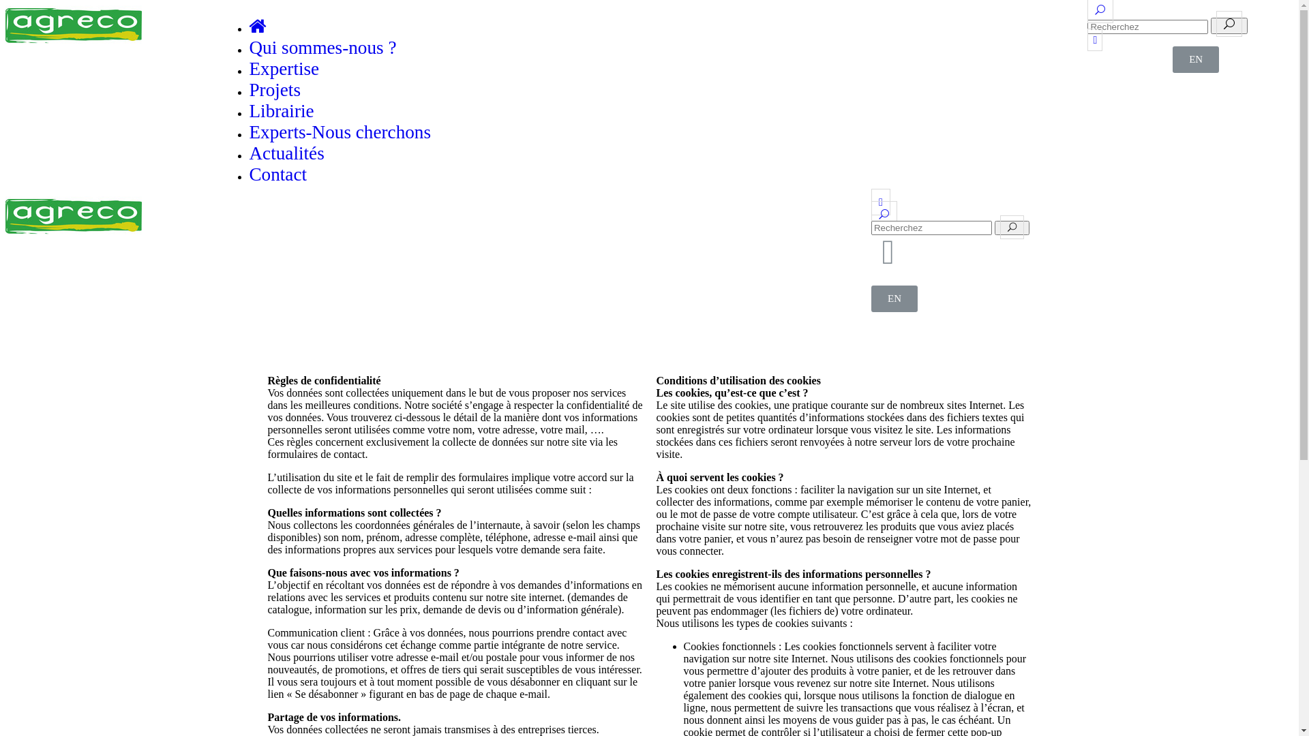 This screenshot has width=1309, height=736. Describe the element at coordinates (85, 254) in the screenshot. I see `'Experts-Nous cherchons'` at that location.